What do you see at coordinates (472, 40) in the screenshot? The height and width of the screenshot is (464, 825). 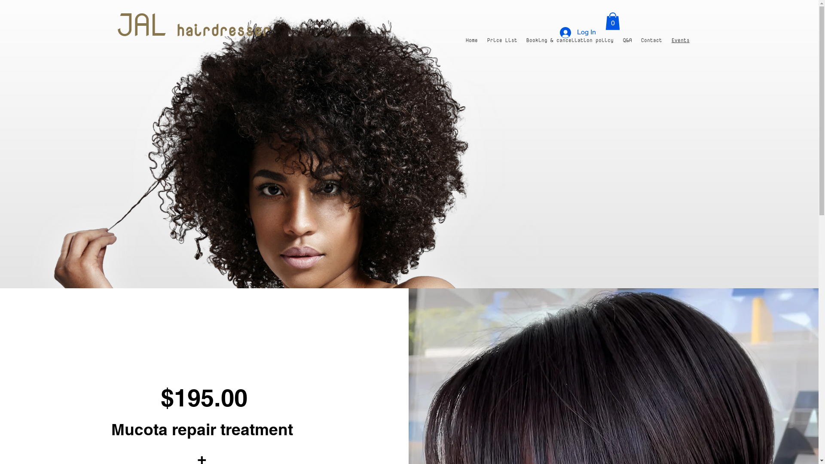 I see `'Home'` at bounding box center [472, 40].